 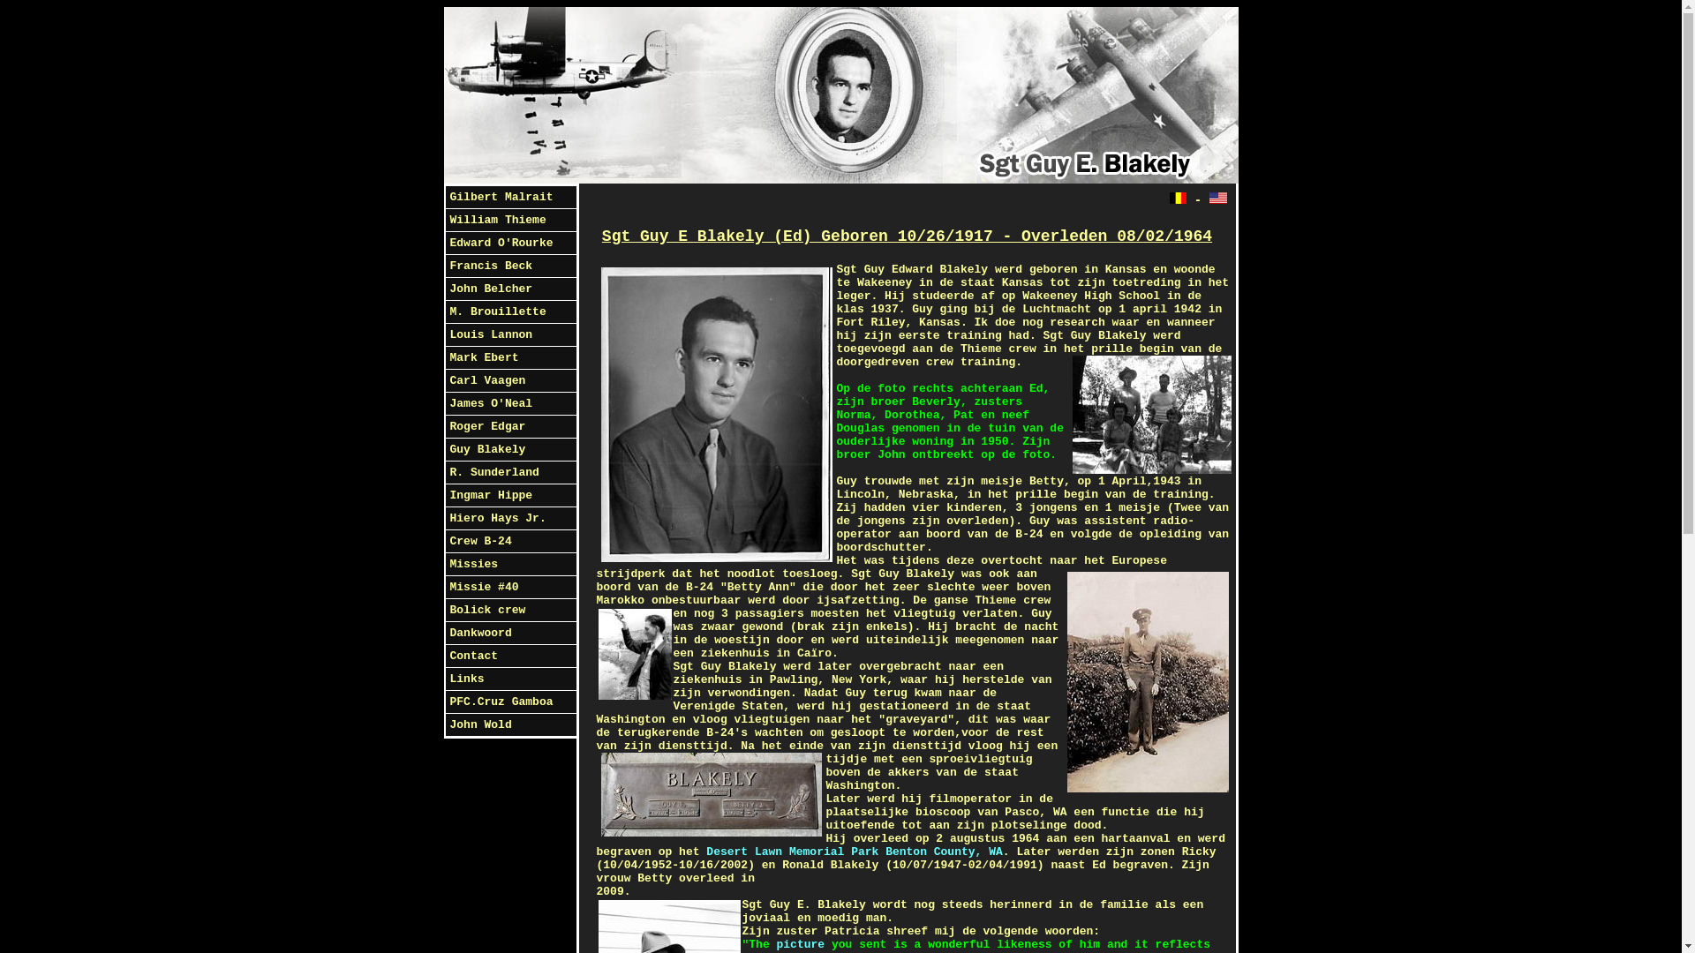 I want to click on 'Gilbert Malrait', so click(x=508, y=197).